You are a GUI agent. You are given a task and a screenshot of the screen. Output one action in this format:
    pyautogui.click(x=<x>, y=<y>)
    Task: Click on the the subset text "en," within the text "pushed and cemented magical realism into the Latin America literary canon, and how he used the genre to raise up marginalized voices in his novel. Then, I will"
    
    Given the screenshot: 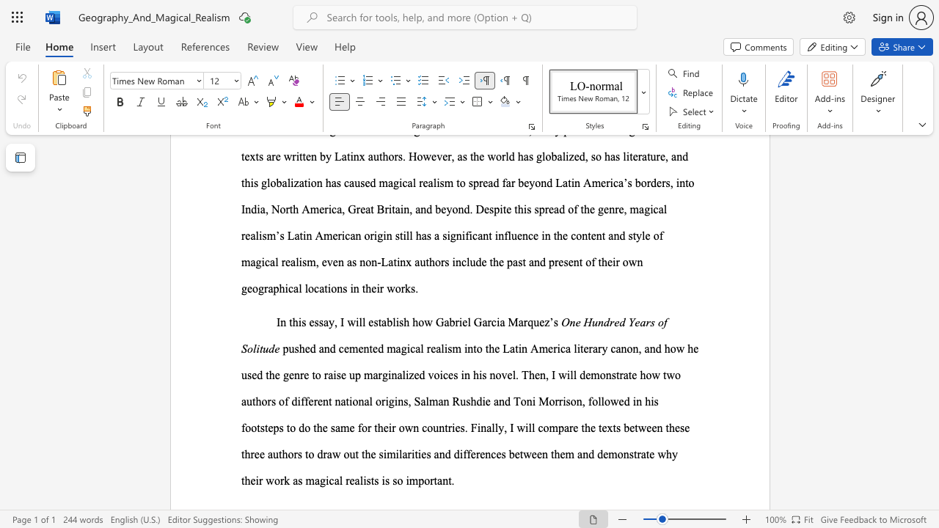 What is the action you would take?
    pyautogui.click(x=533, y=374)
    